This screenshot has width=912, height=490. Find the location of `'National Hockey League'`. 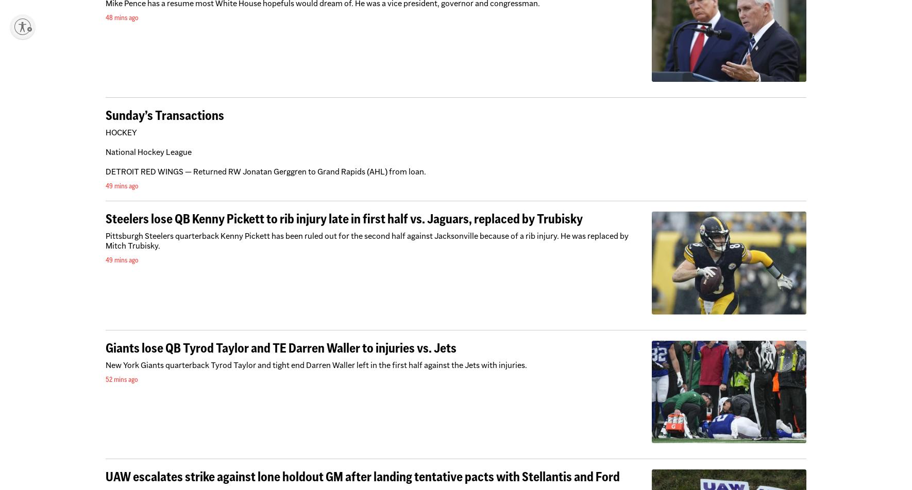

'National Hockey League' is located at coordinates (148, 151).